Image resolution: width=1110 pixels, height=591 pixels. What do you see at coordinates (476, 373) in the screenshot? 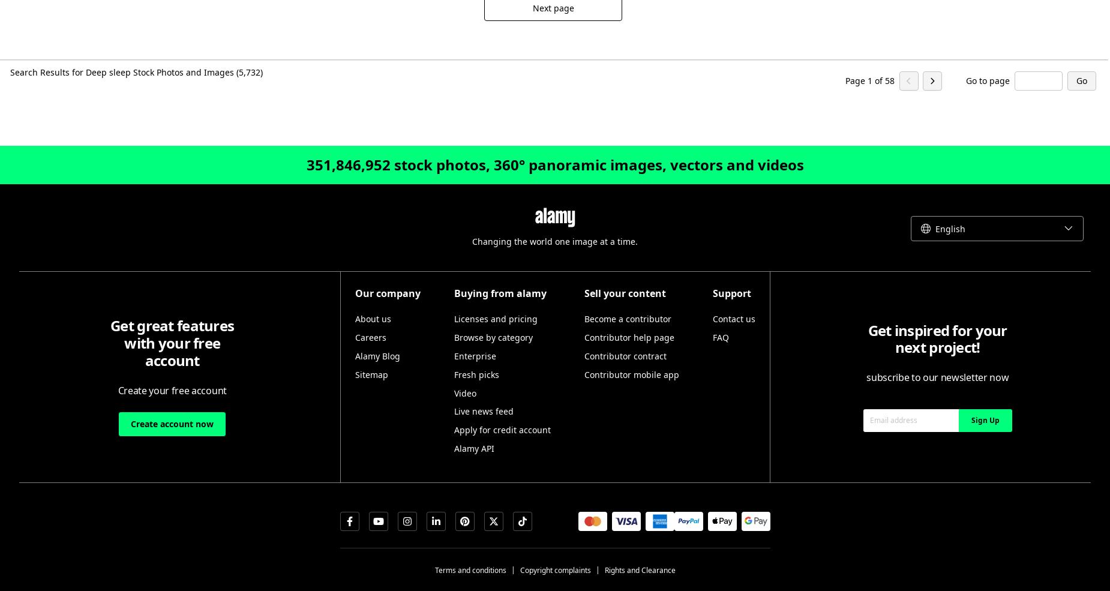
I see `'Fresh picks'` at bounding box center [476, 373].